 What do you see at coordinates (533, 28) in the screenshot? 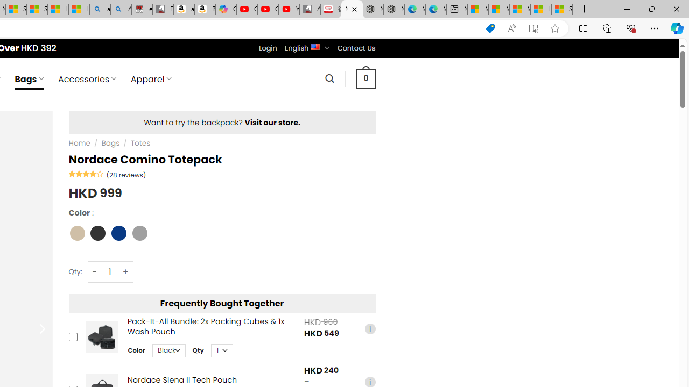
I see `'Enter Immersive Reader (F9)'` at bounding box center [533, 28].